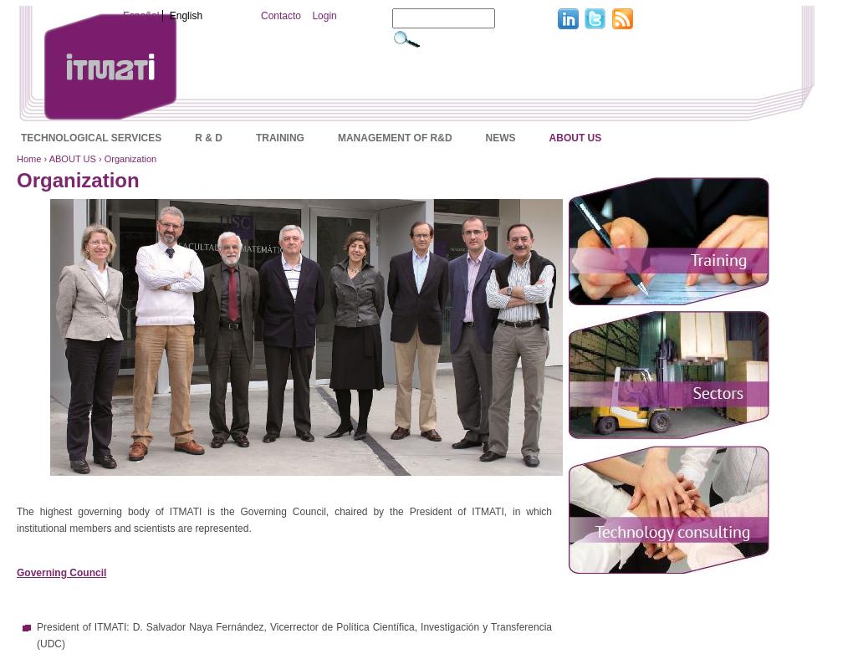  What do you see at coordinates (337, 136) in the screenshot?
I see `'MANAGEMENT OF R&D'` at bounding box center [337, 136].